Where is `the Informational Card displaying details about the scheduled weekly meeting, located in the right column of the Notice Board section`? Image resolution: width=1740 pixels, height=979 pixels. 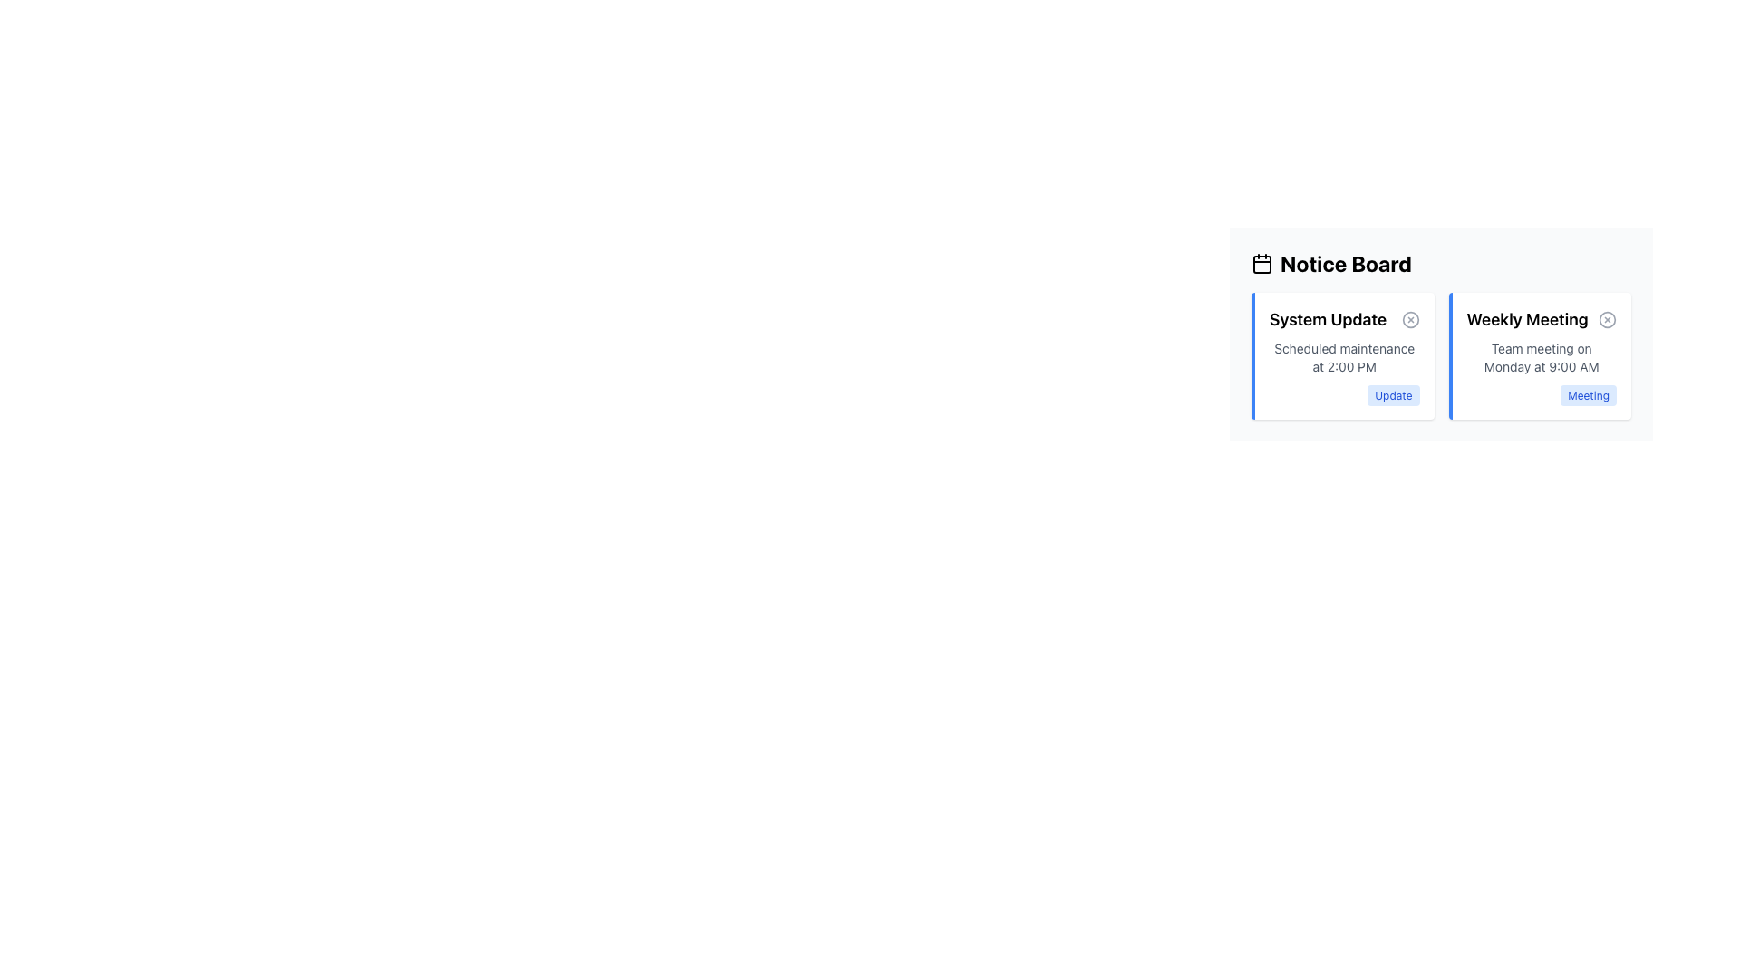
the Informational Card displaying details about the scheduled weekly meeting, located in the right column of the Notice Board section is located at coordinates (1539, 356).